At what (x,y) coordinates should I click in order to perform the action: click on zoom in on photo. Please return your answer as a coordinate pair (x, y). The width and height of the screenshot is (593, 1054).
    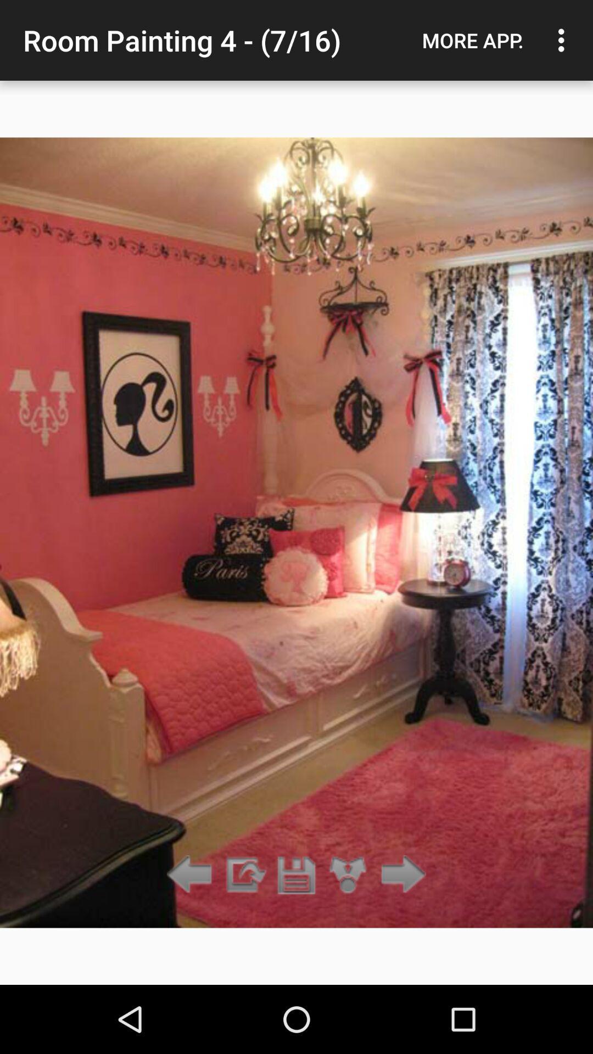
    Looking at the image, I should click on (348, 874).